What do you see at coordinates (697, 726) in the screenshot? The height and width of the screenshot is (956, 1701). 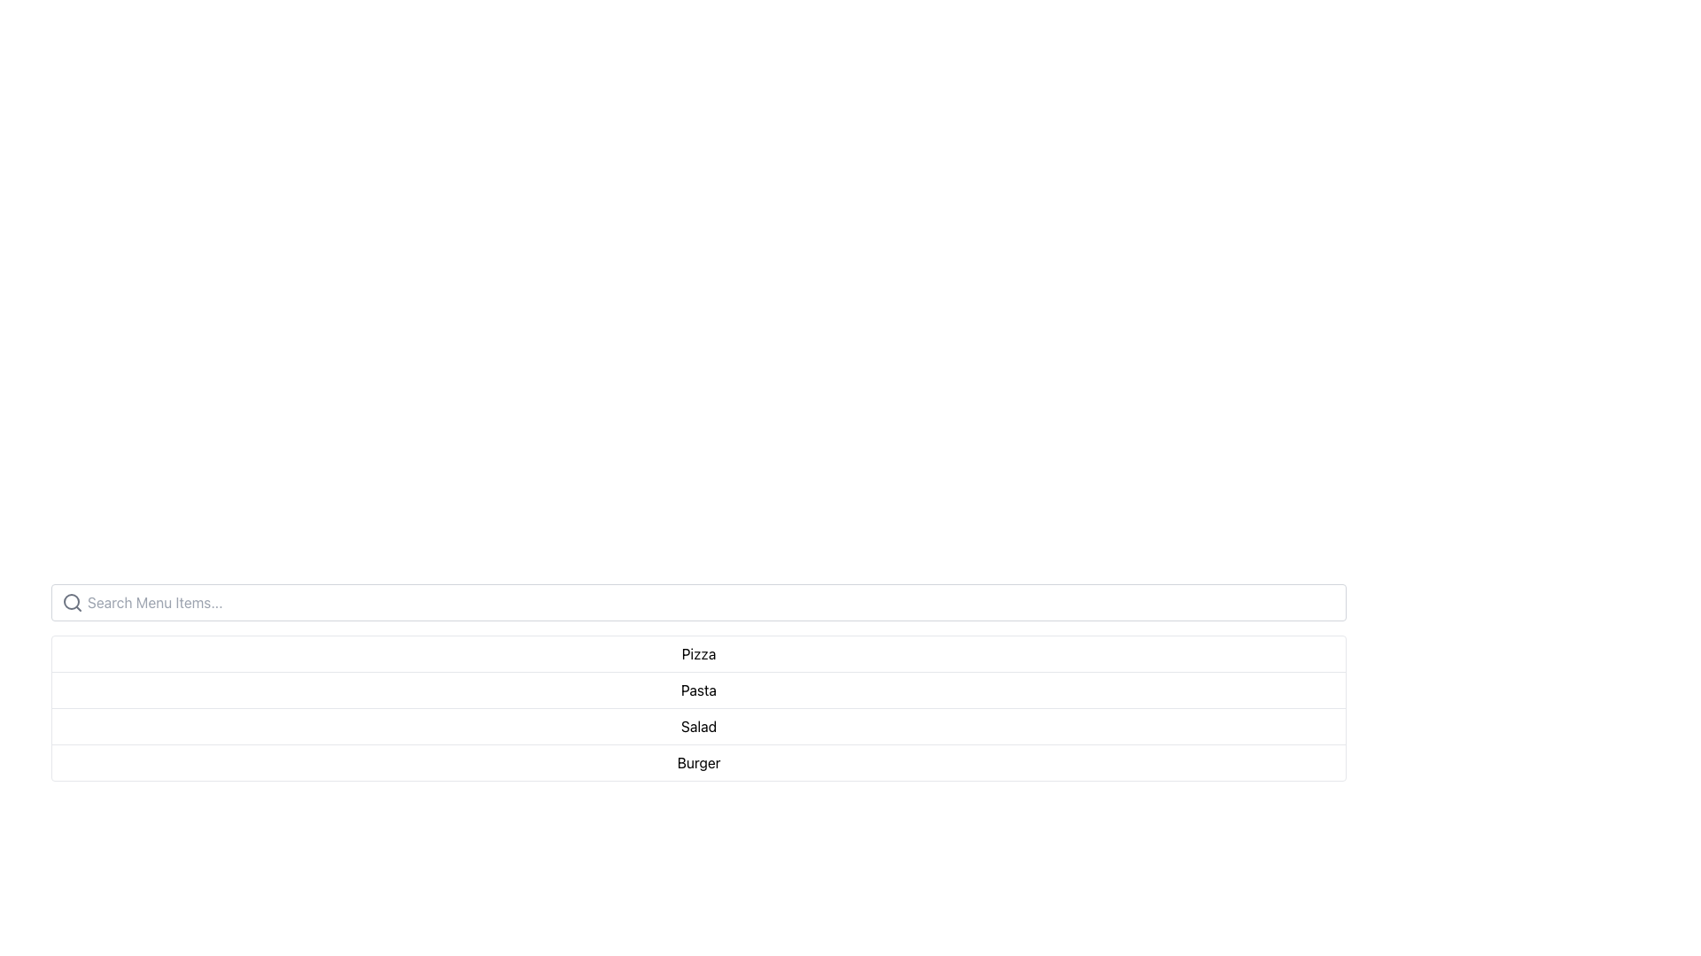 I see `the text label for the menu option labeled 'Salad'` at bounding box center [697, 726].